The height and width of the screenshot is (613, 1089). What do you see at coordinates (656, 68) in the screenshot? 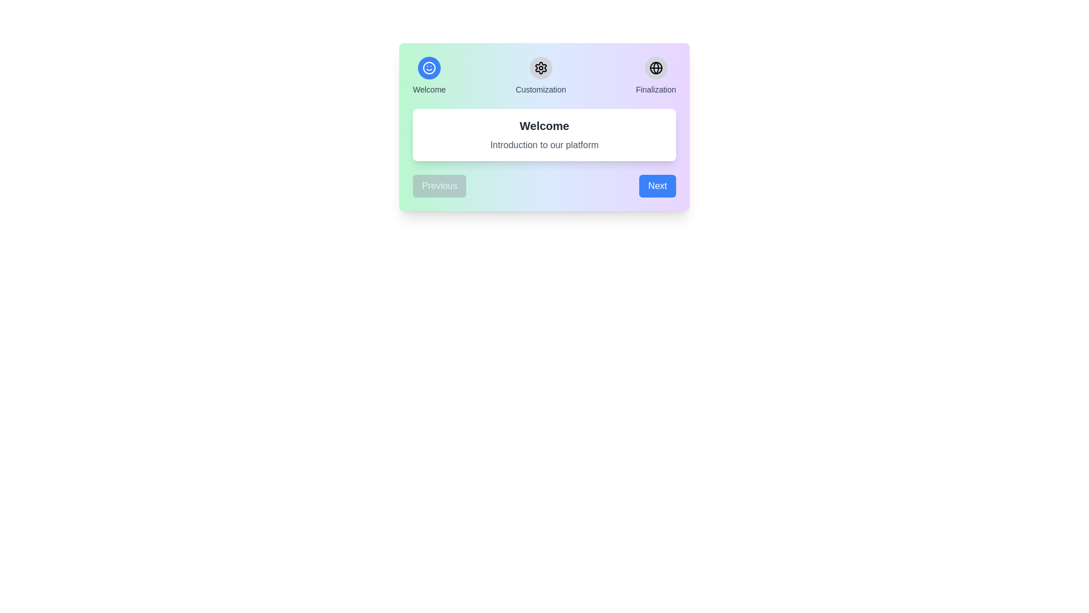
I see `the content associated with the Finalization icon` at bounding box center [656, 68].